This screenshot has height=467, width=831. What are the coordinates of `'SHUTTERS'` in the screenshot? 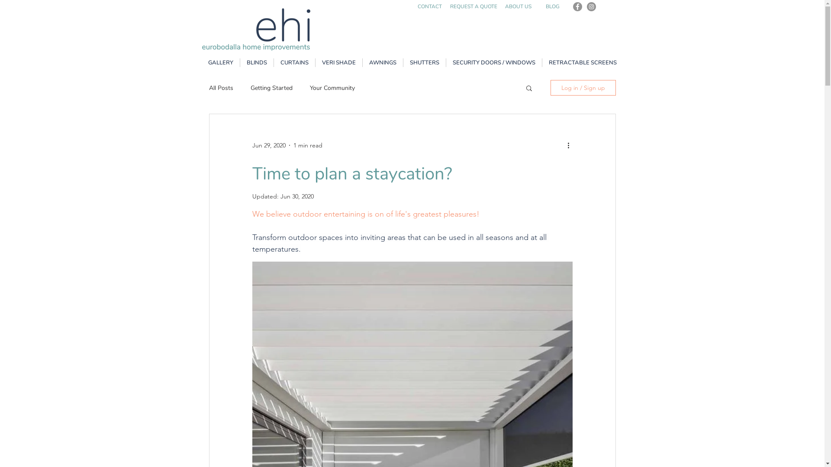 It's located at (424, 62).